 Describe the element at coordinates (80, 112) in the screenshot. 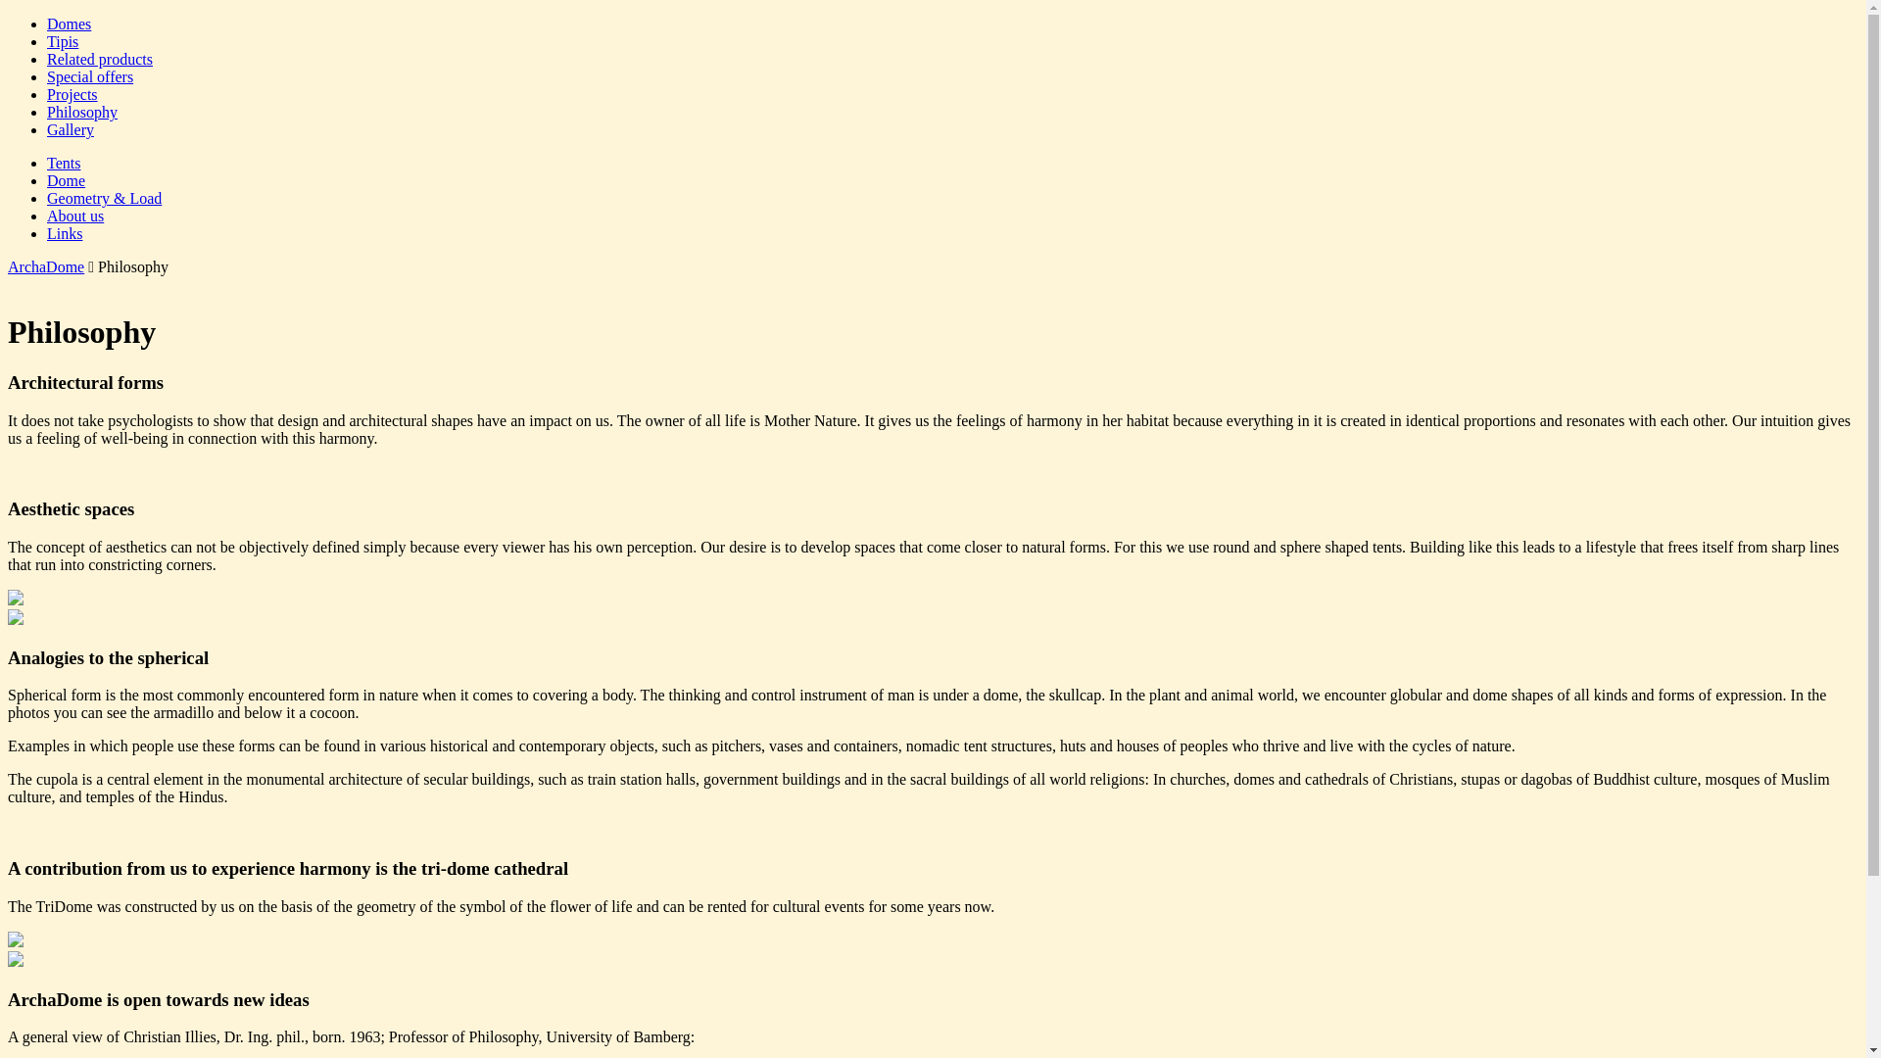

I see `'Philosophy'` at that location.